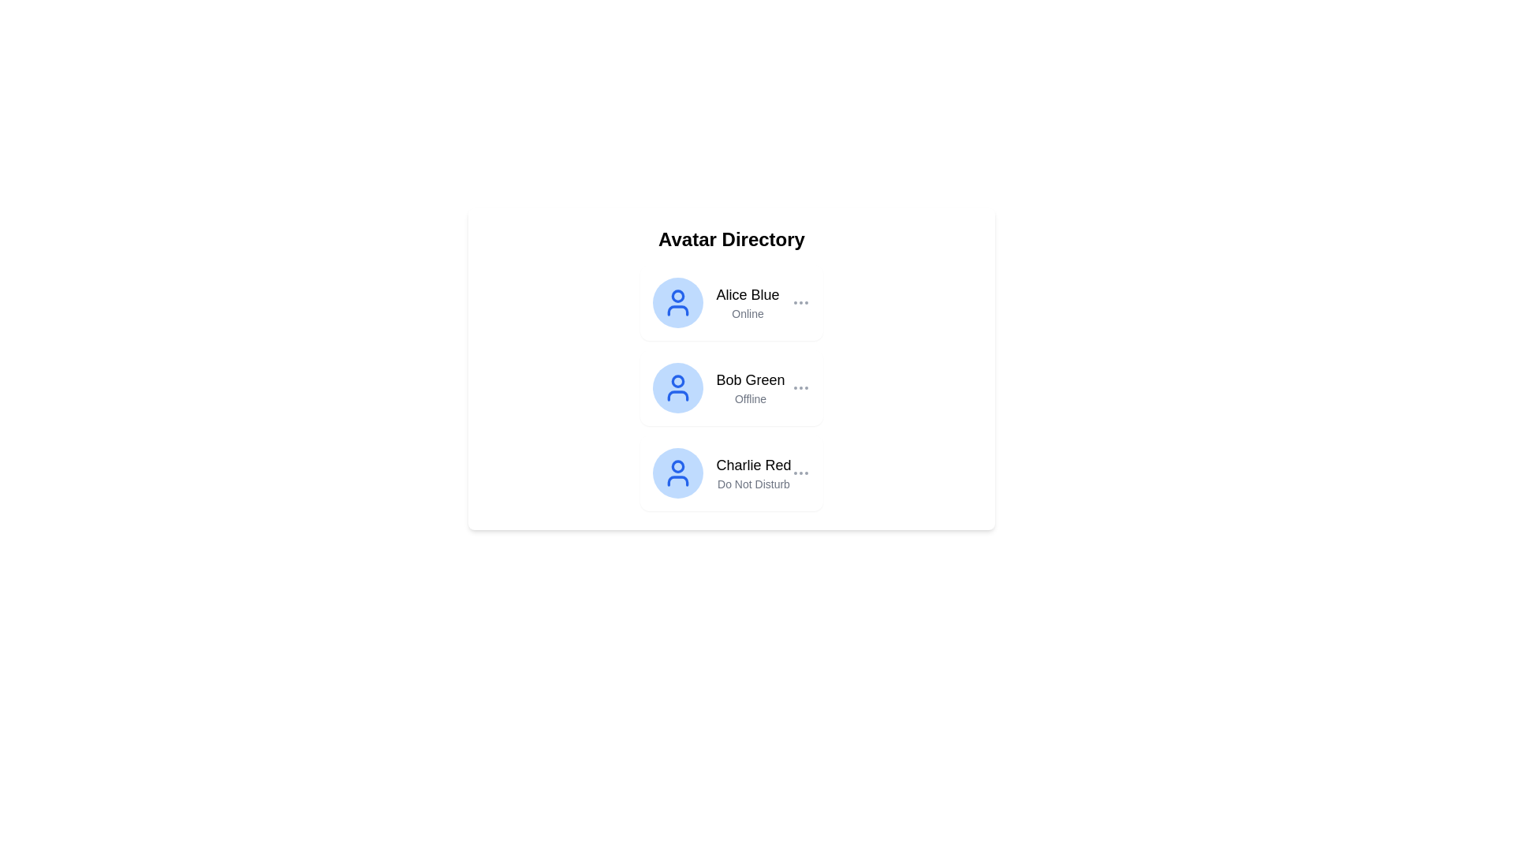 This screenshot has height=852, width=1514. Describe the element at coordinates (800, 388) in the screenshot. I see `the vertical ellipsis icon button located on the right side of the row for 'Bob Green'` at that location.